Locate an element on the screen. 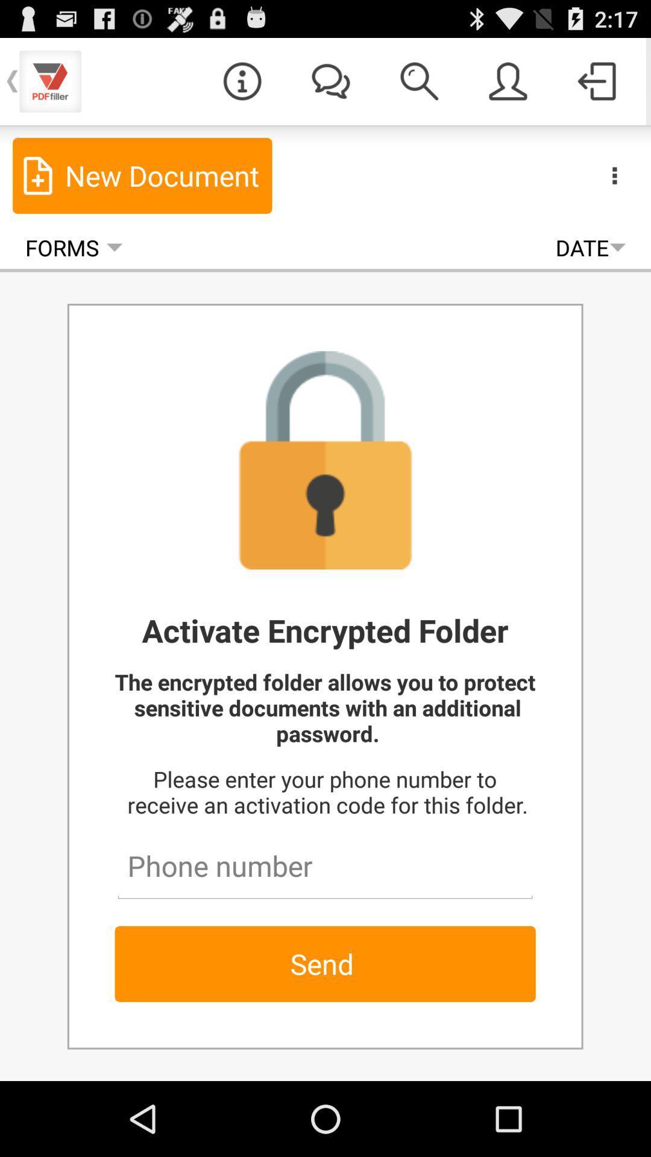 The image size is (651, 1157). your phone number is located at coordinates (324, 860).